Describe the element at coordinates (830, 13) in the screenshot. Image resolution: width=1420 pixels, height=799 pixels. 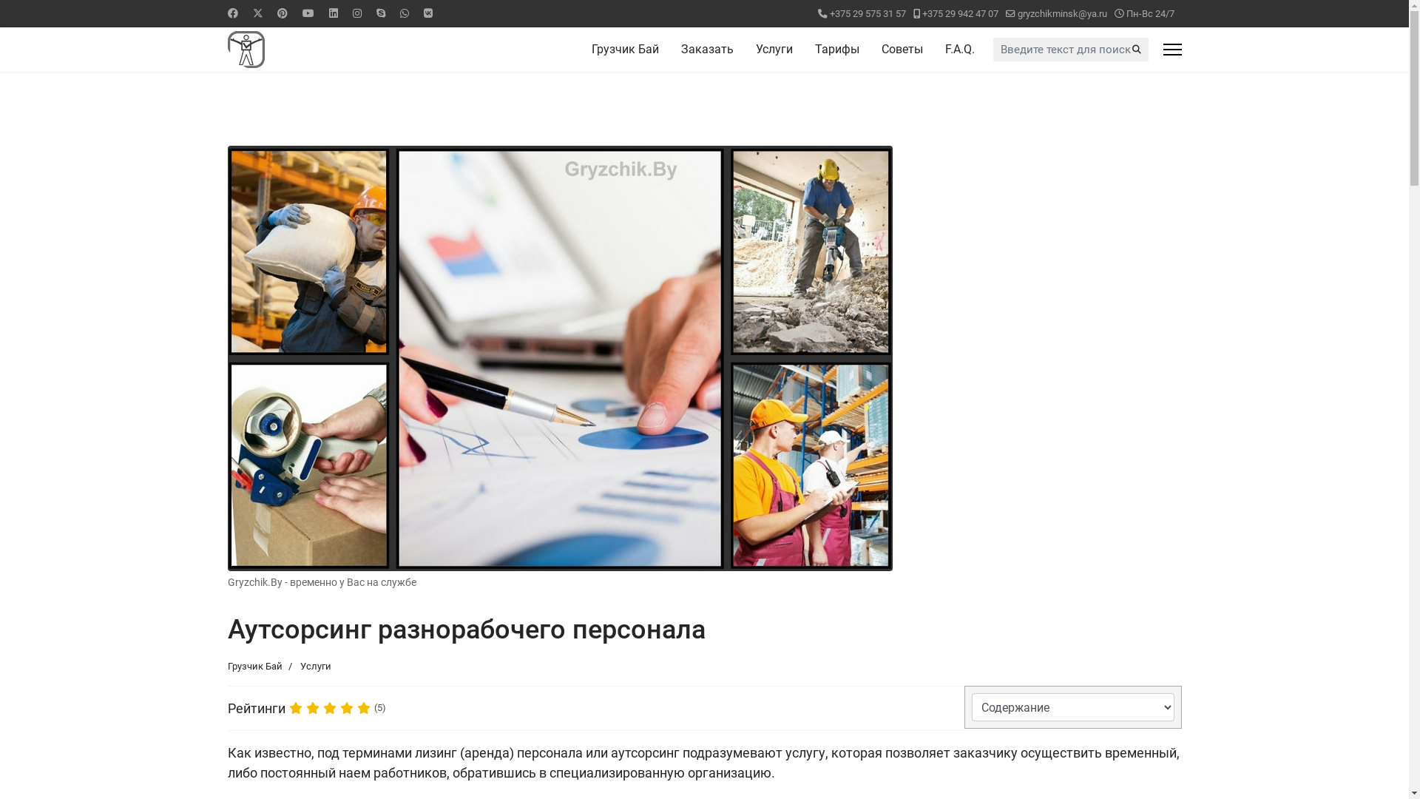
I see `'+375 29 575 31 57'` at that location.